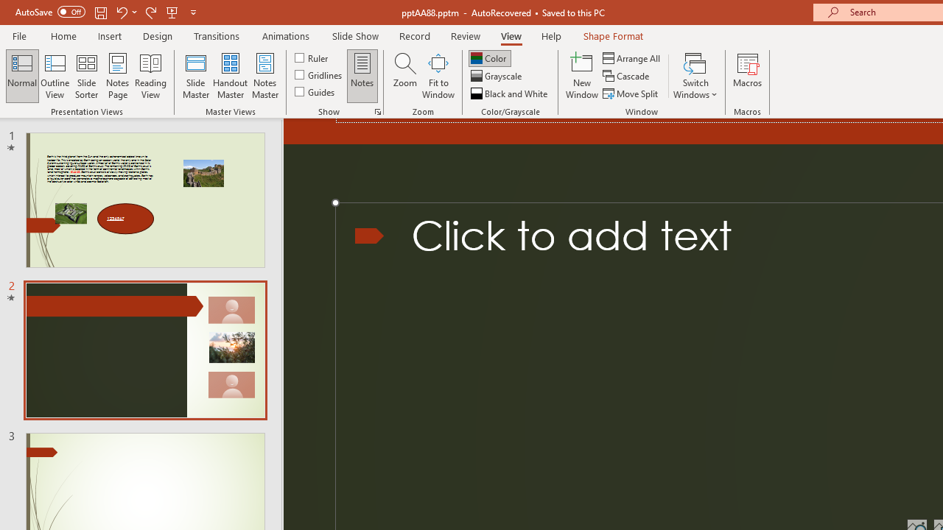 Image resolution: width=943 pixels, height=530 pixels. I want to click on 'New Window', so click(581, 76).